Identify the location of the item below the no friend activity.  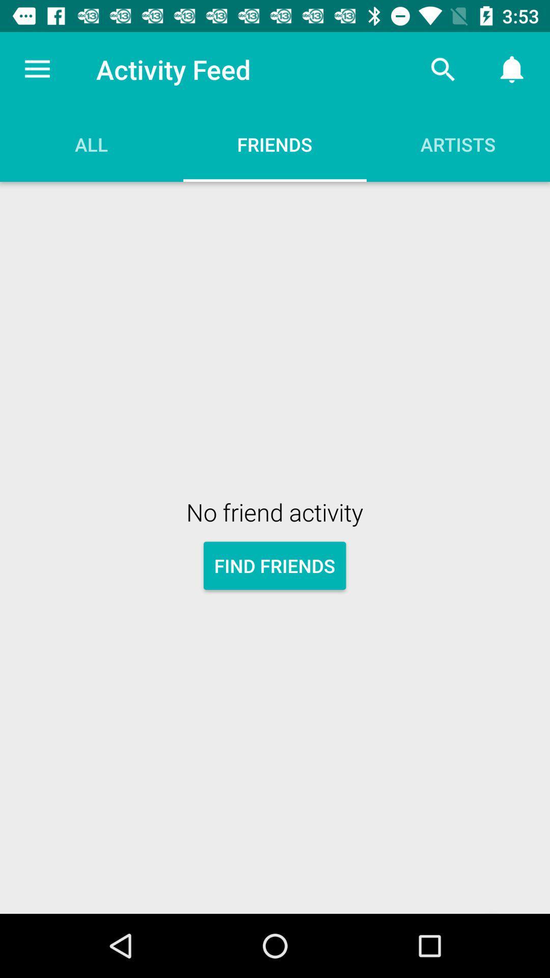
(274, 565).